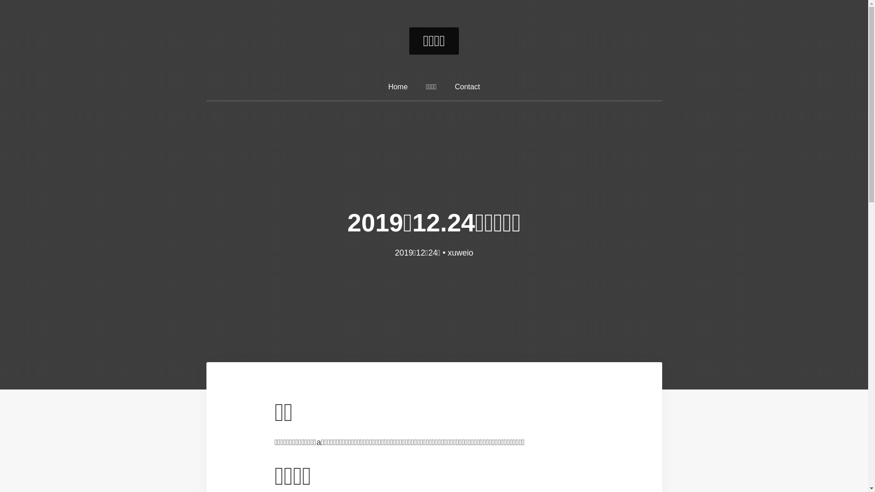 This screenshot has width=875, height=492. What do you see at coordinates (446, 87) in the screenshot?
I see `'Contact'` at bounding box center [446, 87].